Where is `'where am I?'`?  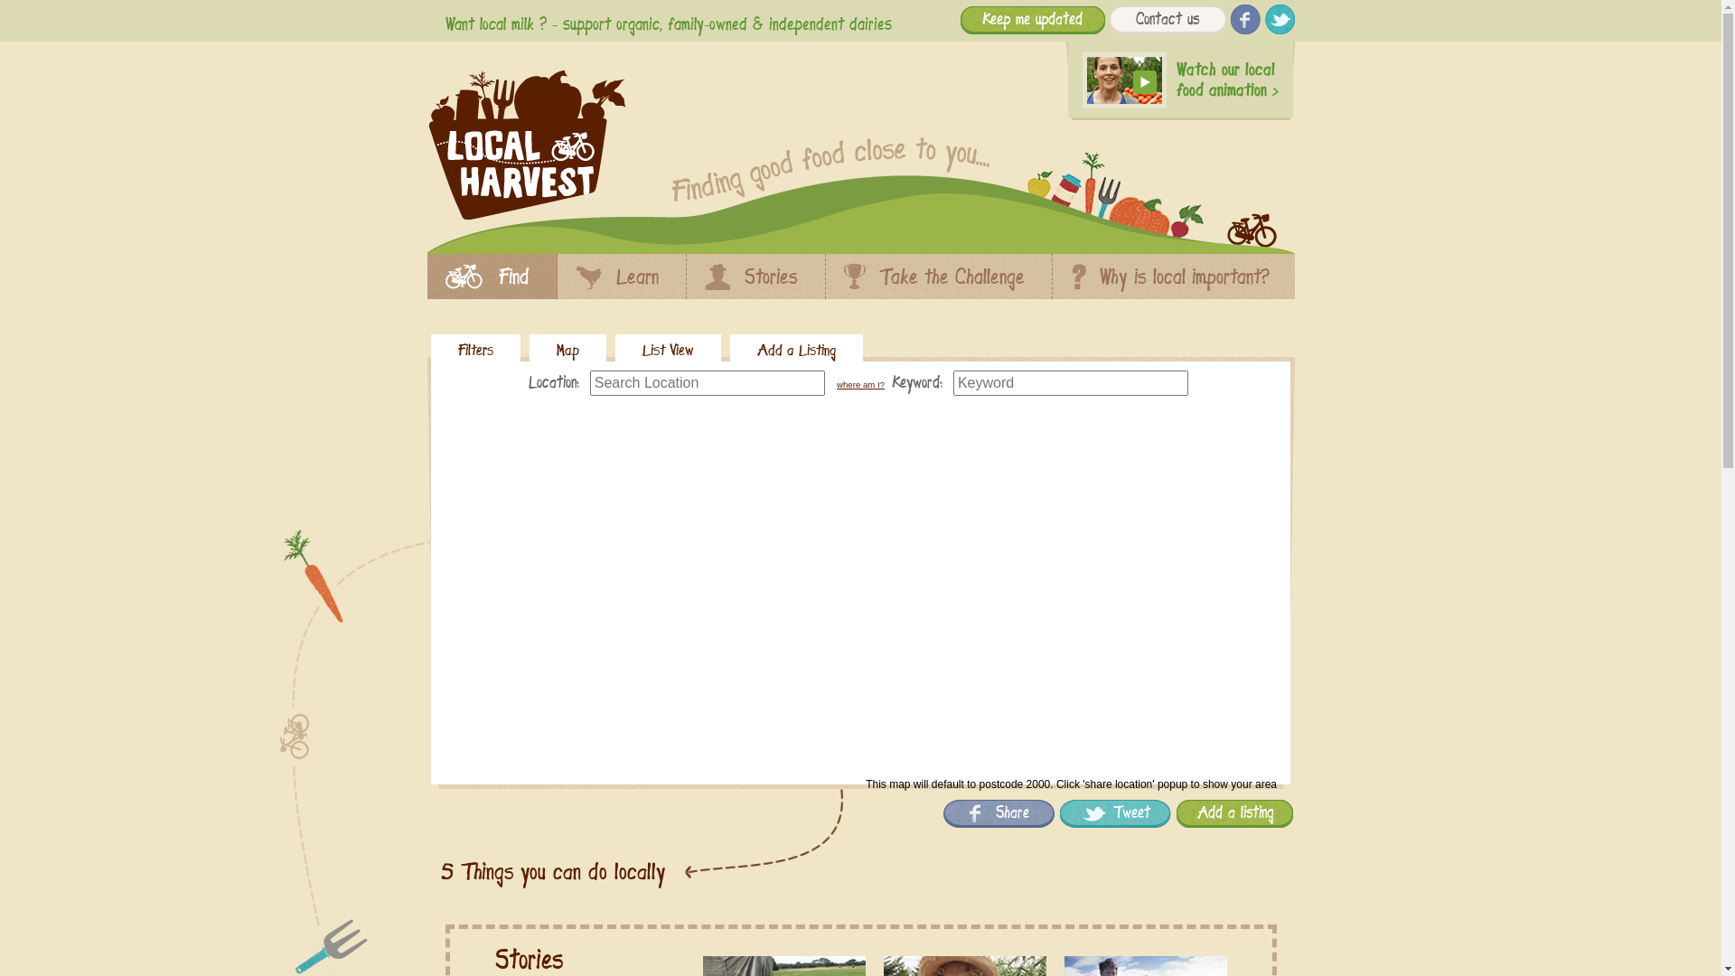
'where am I?' is located at coordinates (836, 383).